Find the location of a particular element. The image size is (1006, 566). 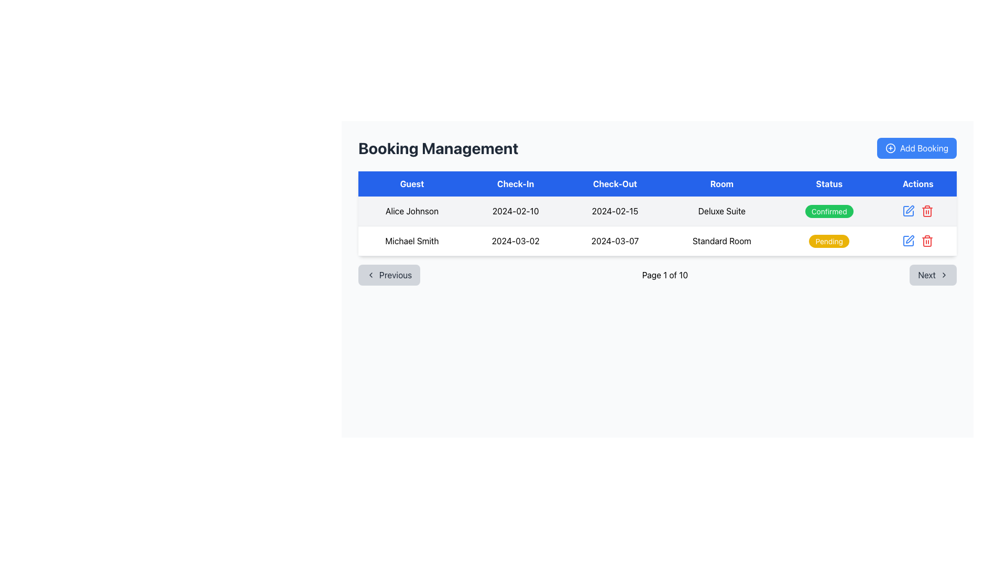

the leftward-pointing chevron icon within the 'Previous' button, which is located at the bottom-left corner of the content area, to facilitate navigation to the previous page of content is located at coordinates (371, 274).